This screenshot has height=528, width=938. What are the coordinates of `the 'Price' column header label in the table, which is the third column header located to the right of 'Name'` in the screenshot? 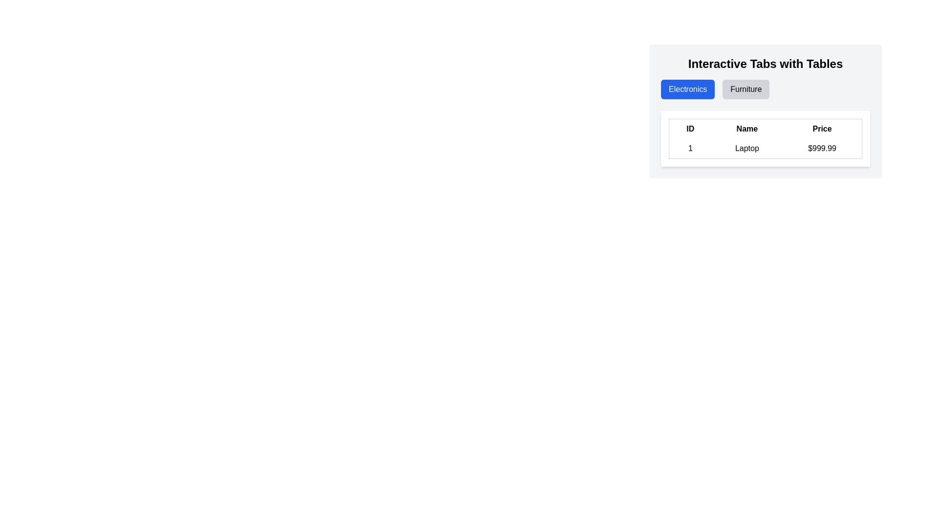 It's located at (822, 128).